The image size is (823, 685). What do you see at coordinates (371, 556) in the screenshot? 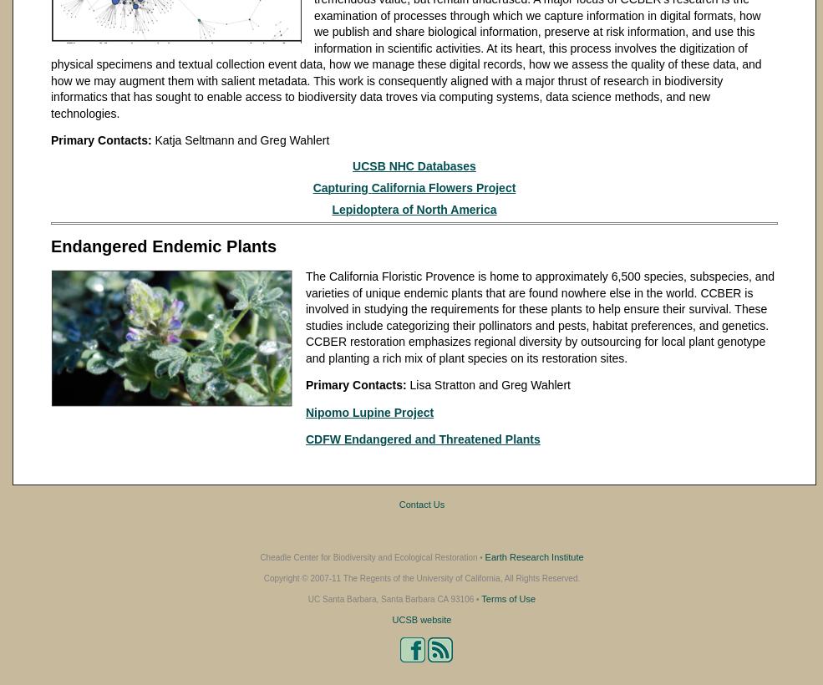
I see `'Cheadle Center for Biodiversity and Ecological Restoration •'` at bounding box center [371, 556].